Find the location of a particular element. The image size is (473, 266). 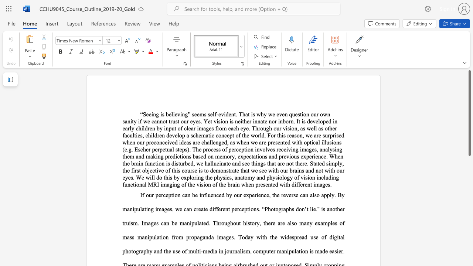

the scrollbar on the right side to scroll the page down is located at coordinates (469, 221).